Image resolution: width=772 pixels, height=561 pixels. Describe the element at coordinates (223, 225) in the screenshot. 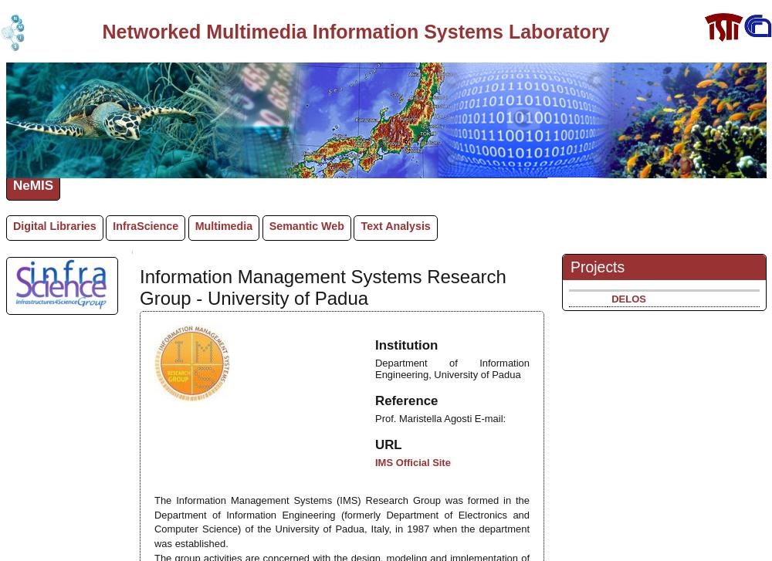

I see `'Multimedia'` at that location.